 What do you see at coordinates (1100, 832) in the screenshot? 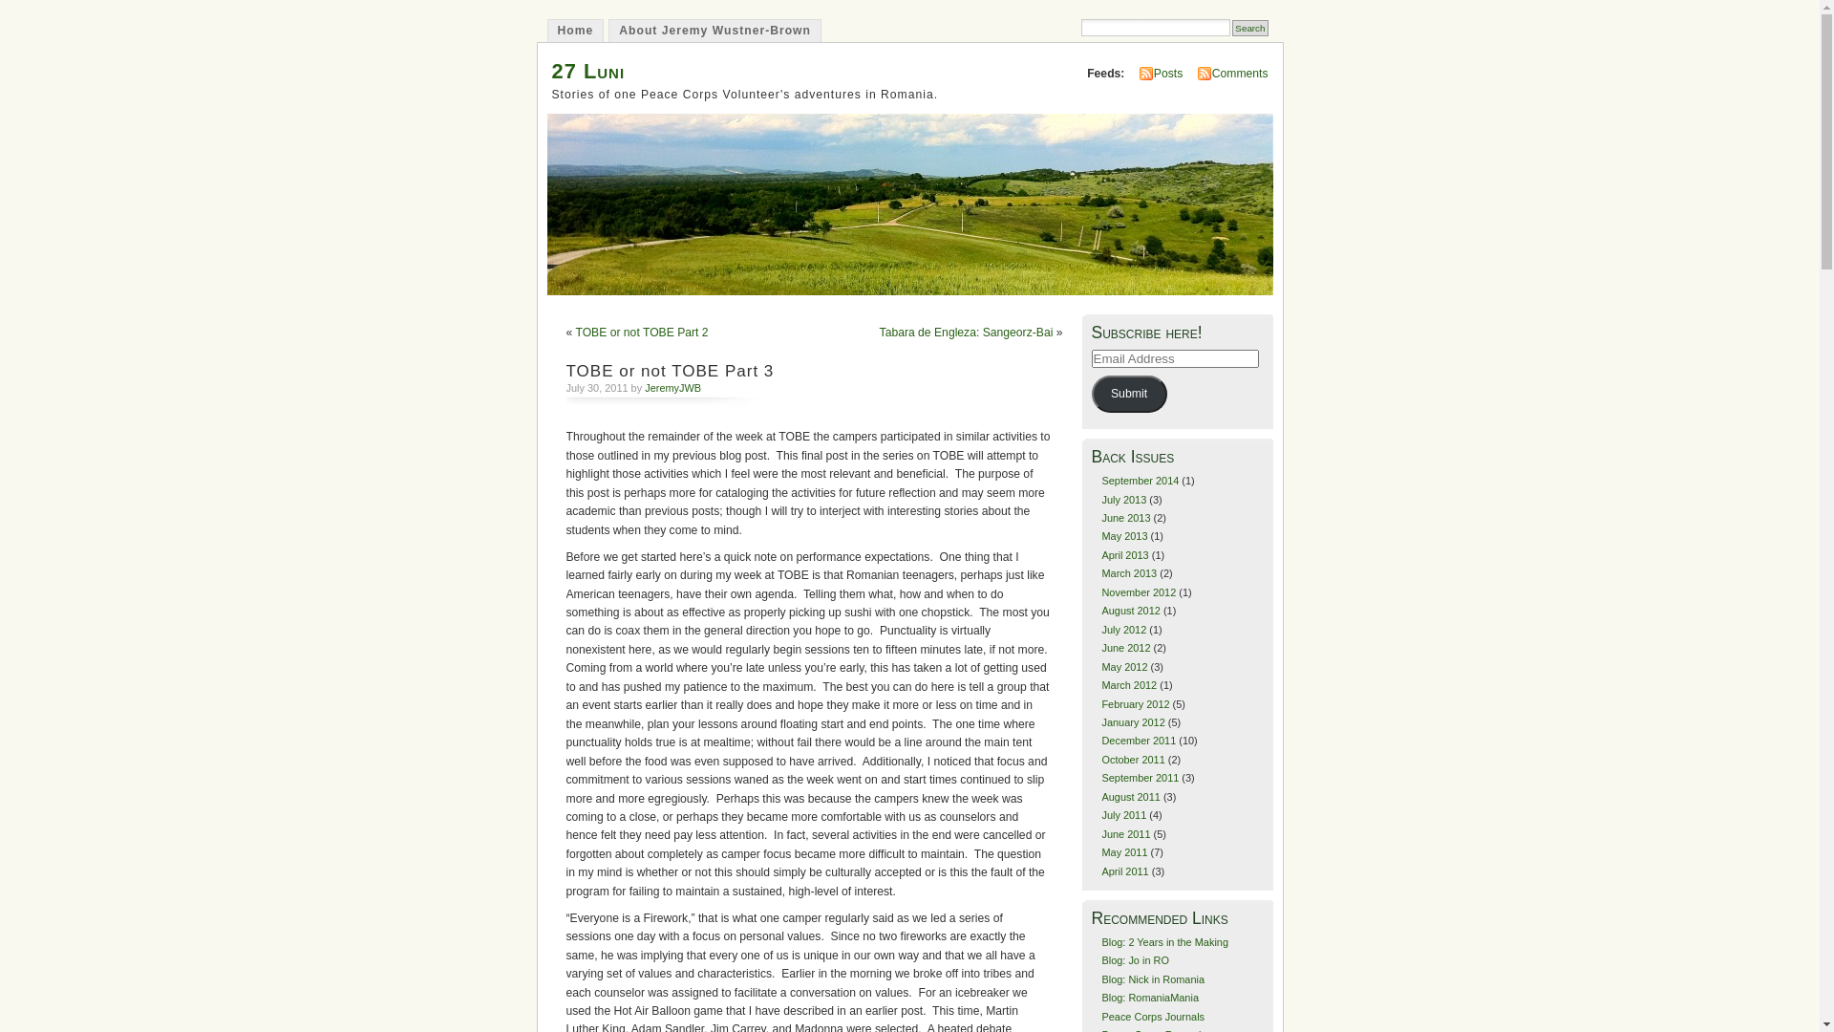
I see `'June 2011'` at bounding box center [1100, 832].